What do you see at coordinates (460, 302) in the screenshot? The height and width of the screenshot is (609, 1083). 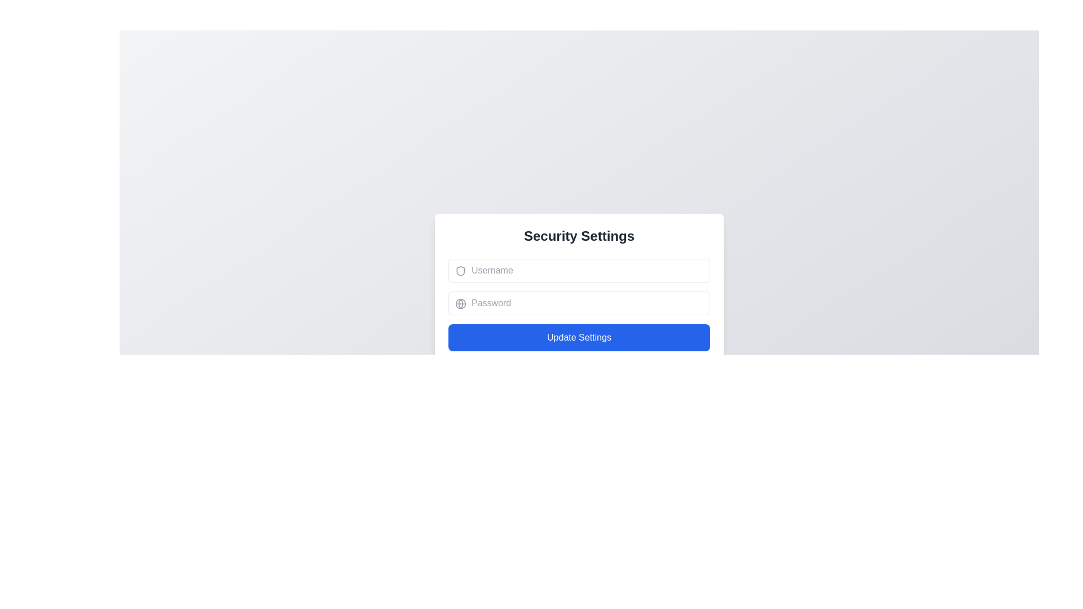 I see `the password indicator icon located at the left-hand side of the password input field` at bounding box center [460, 302].